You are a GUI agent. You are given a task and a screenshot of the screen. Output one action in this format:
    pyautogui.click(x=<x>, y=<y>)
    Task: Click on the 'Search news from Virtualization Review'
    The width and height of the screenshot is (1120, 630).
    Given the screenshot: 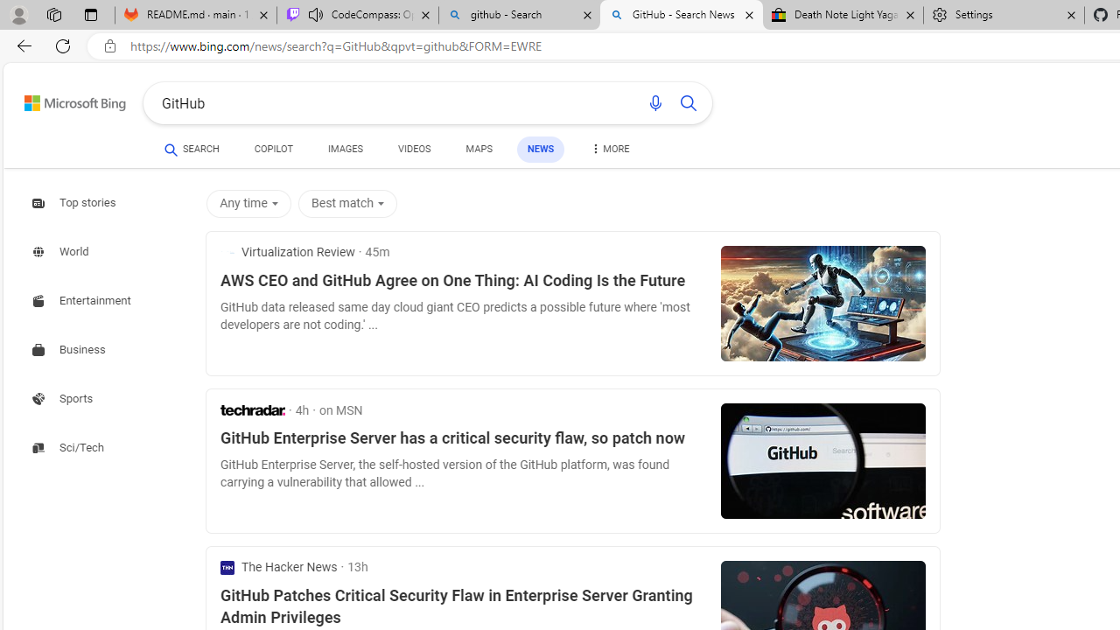 What is the action you would take?
    pyautogui.click(x=287, y=252)
    